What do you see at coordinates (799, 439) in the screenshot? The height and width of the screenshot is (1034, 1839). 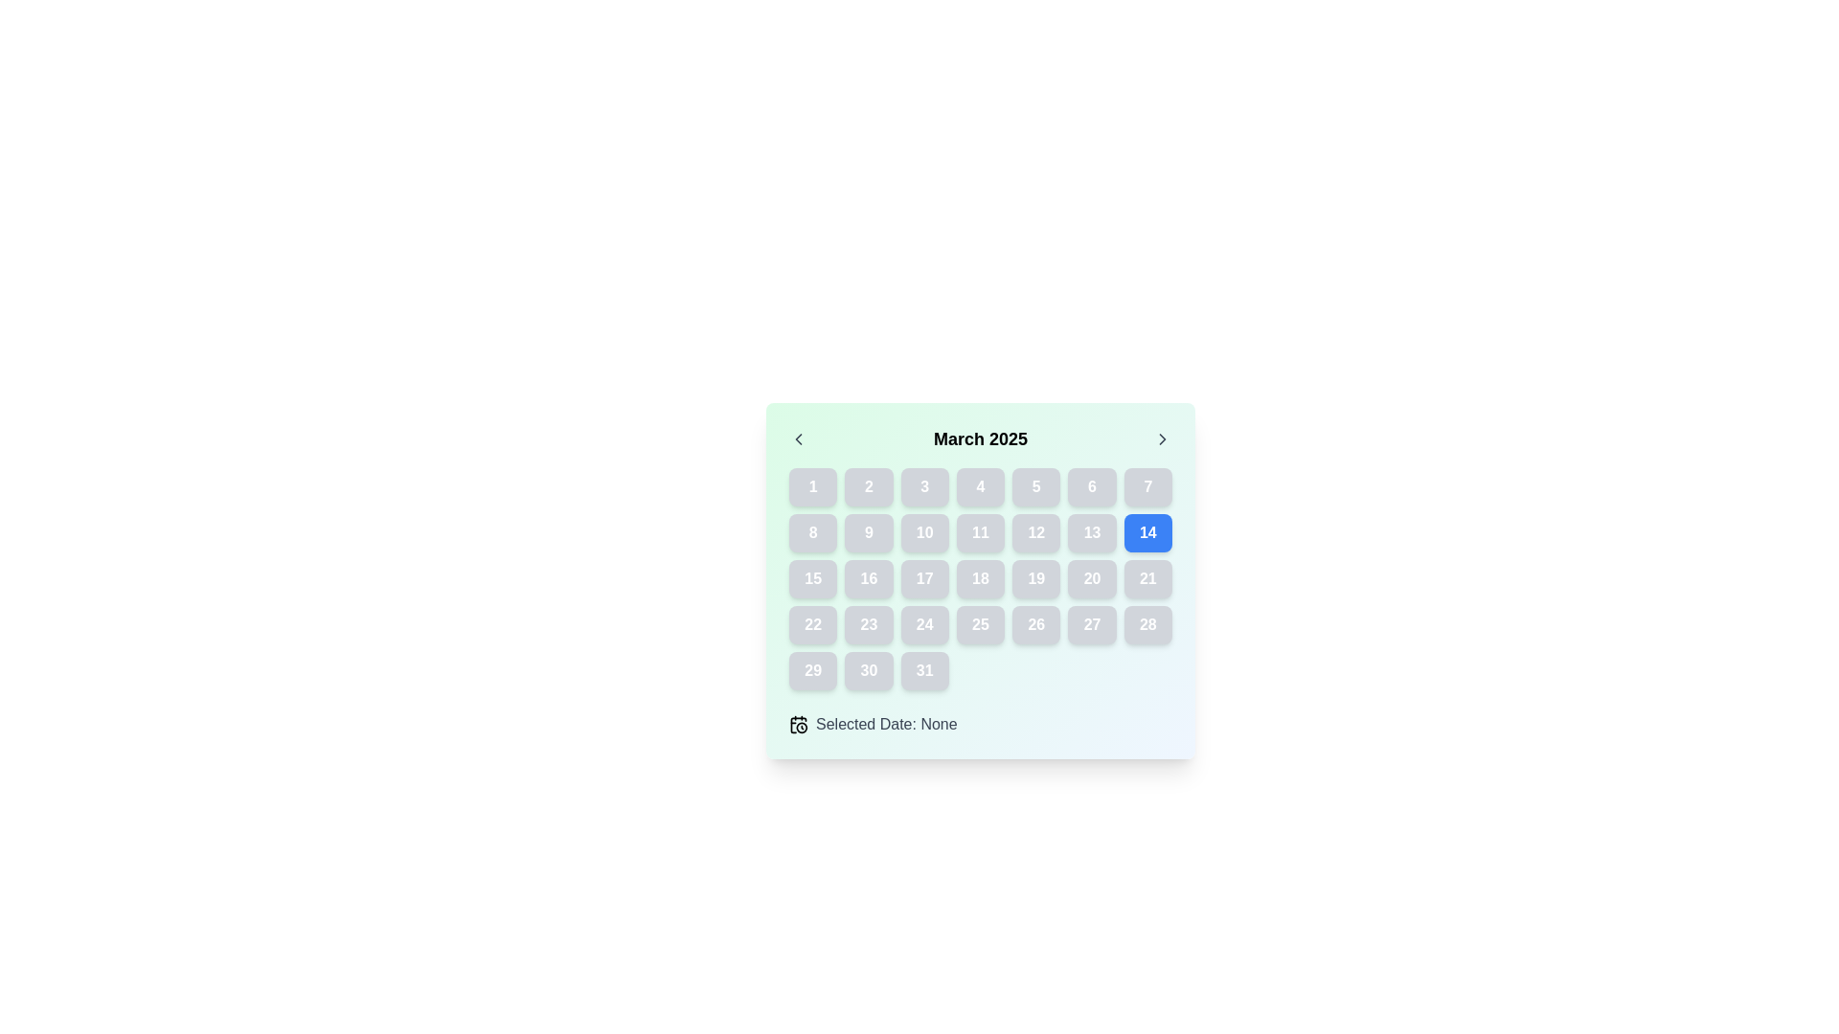 I see `the button on the left edge of the header bar` at bounding box center [799, 439].